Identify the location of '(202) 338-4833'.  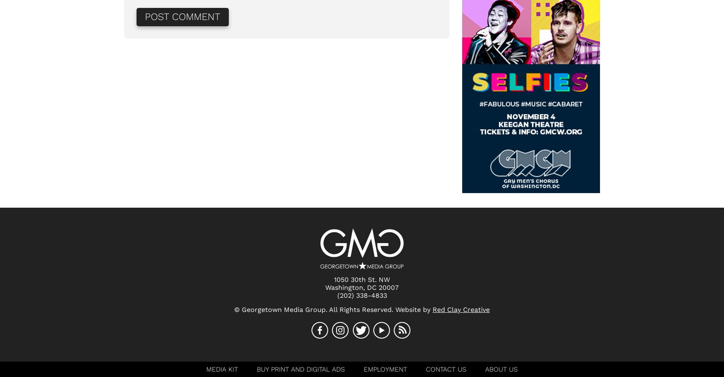
(361, 294).